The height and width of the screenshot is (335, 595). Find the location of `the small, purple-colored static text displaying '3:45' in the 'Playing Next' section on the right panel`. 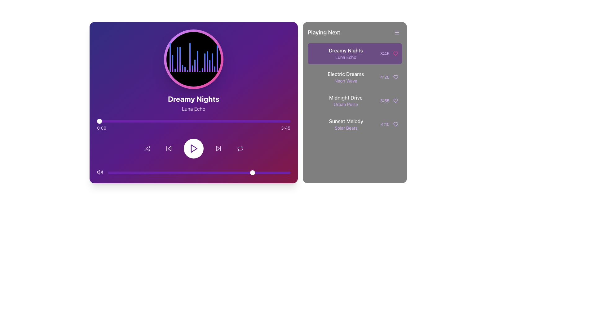

the small, purple-colored static text displaying '3:45' in the 'Playing Next' section on the right panel is located at coordinates (385, 53).